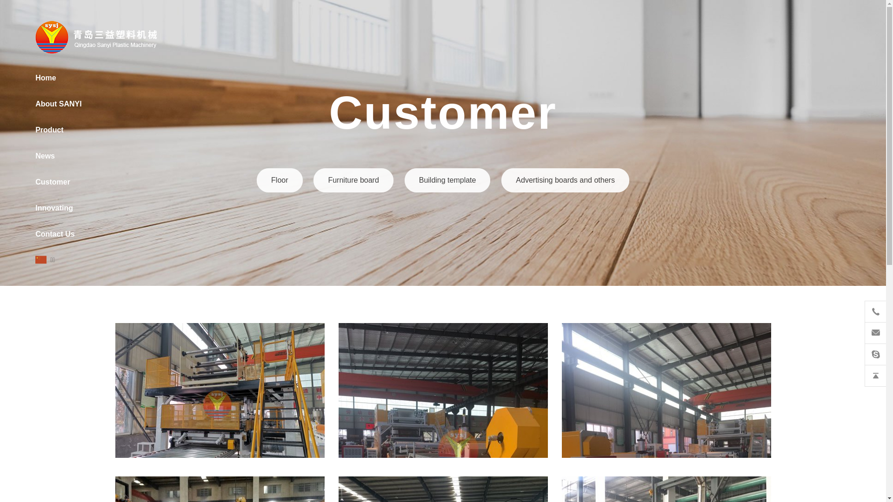  I want to click on 'Home', so click(61, 78).